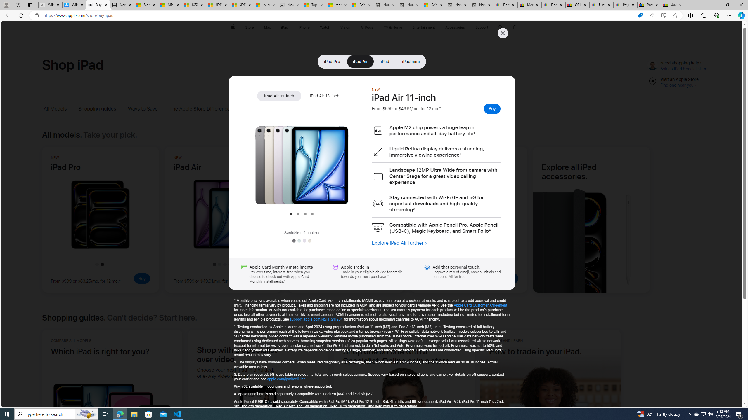 This screenshot has height=420, width=748. Describe the element at coordinates (360, 61) in the screenshot. I see `'iPad Air'` at that location.